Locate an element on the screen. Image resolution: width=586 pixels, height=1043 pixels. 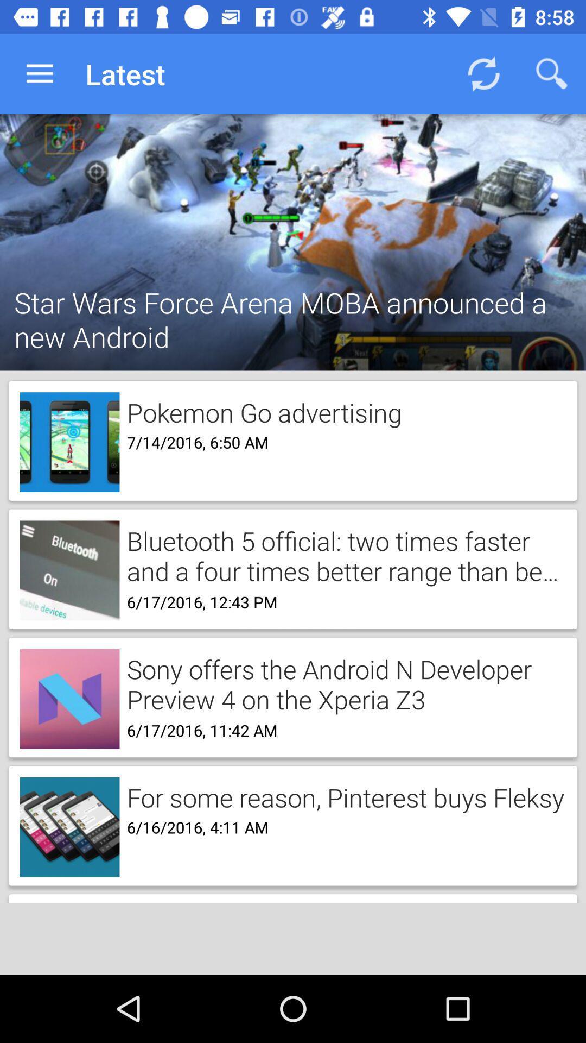
for some reason is located at coordinates (342, 796).